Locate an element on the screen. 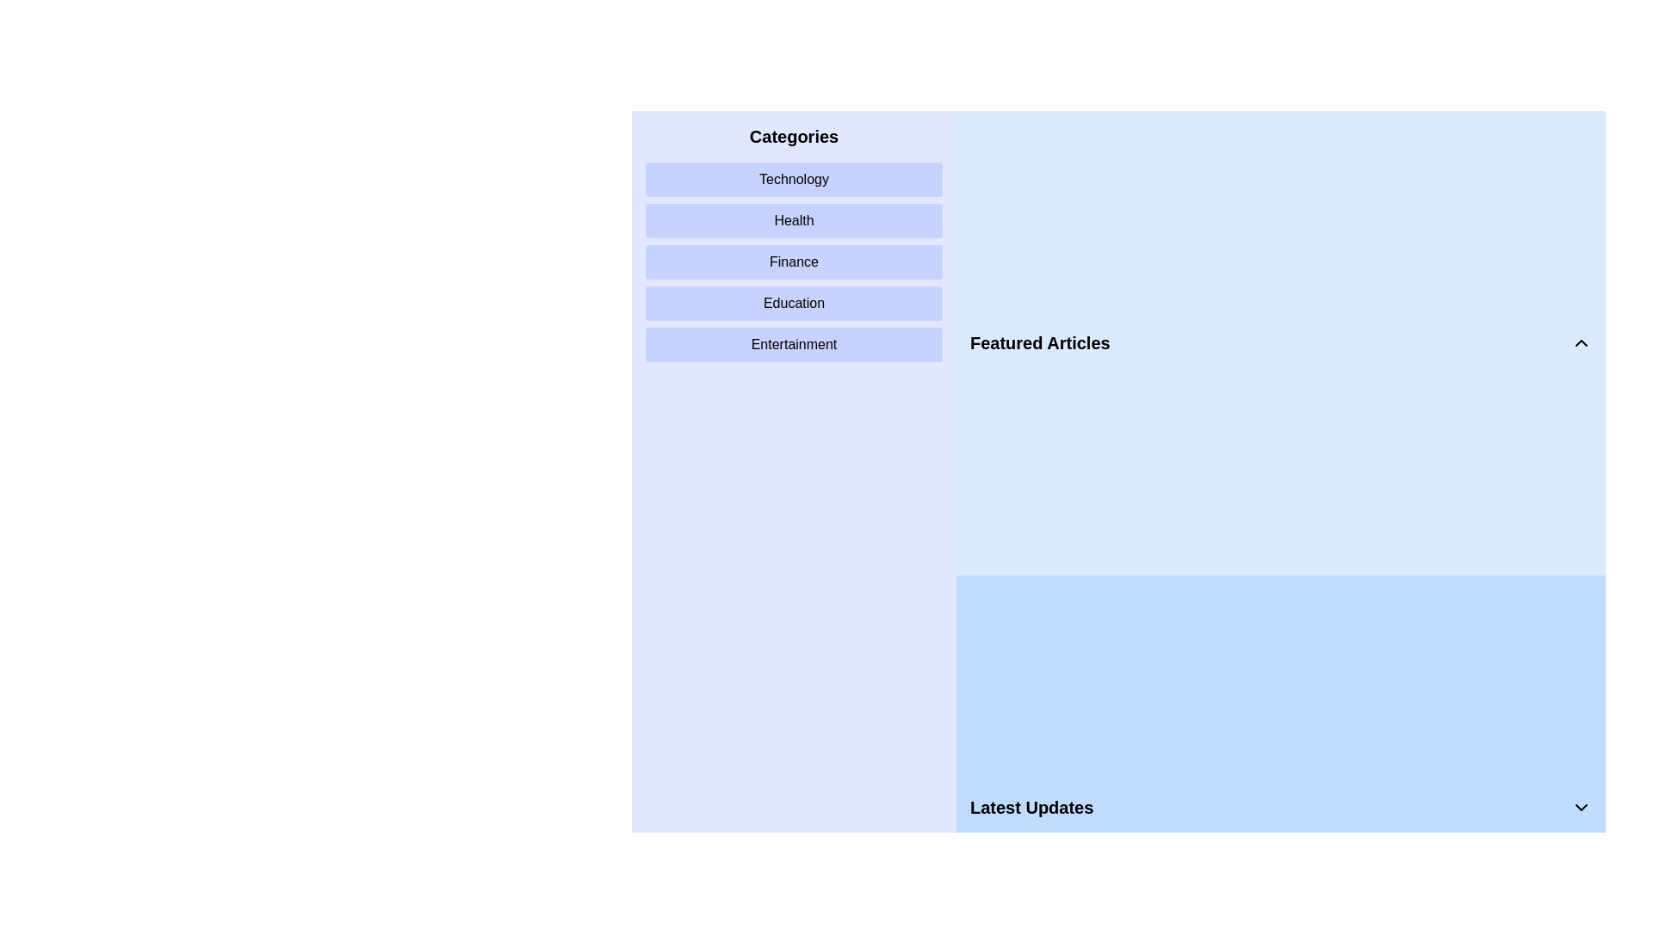 This screenshot has height=929, width=1653. the 'Health' category selection button, which is the second button in a vertical list under the 'Categories' section is located at coordinates (793, 220).